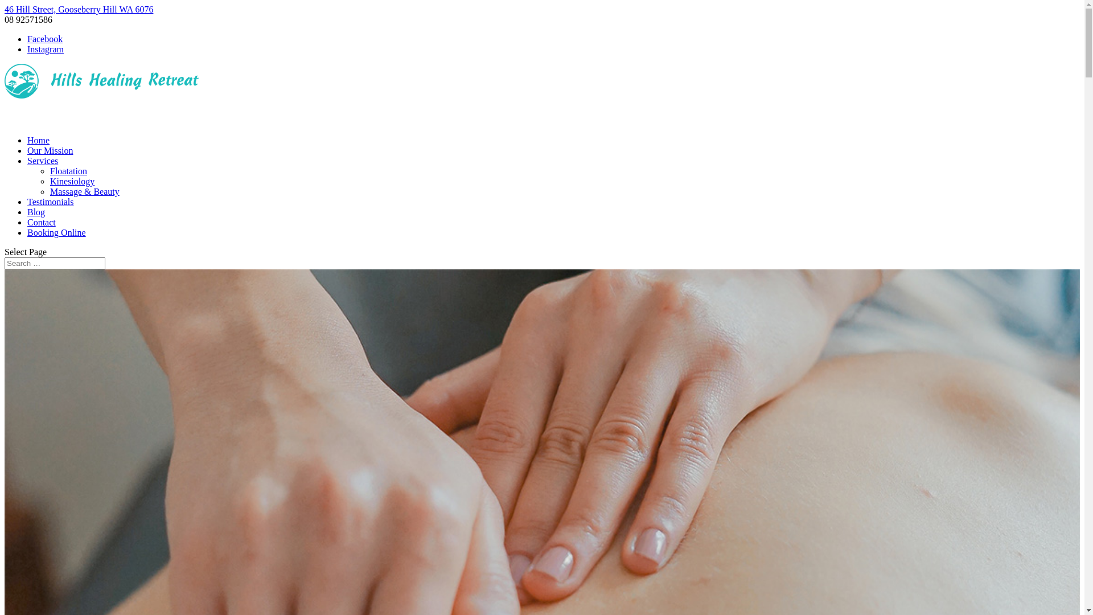 The width and height of the screenshot is (1093, 615). Describe the element at coordinates (44, 38) in the screenshot. I see `'Facebook'` at that location.